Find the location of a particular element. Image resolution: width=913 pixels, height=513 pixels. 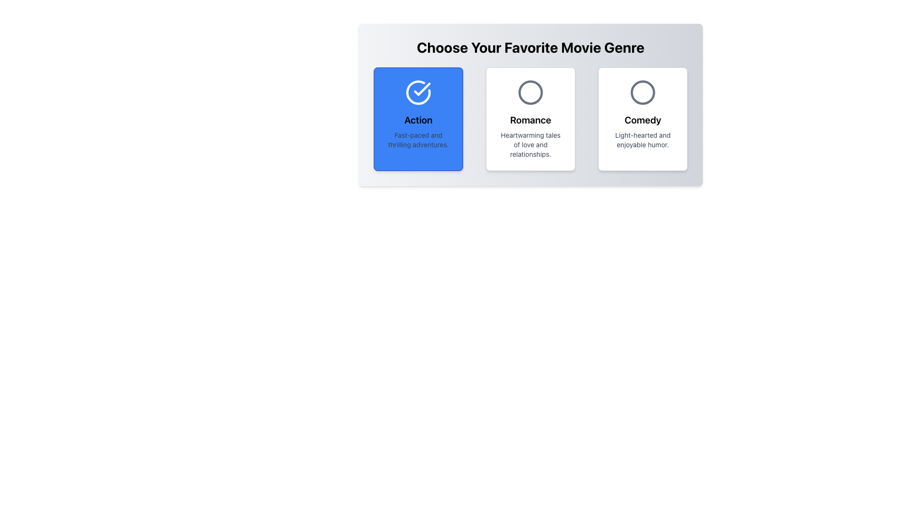

Text label that identifies the category 'Romance', centrally placed above the subtext in the second option box of a series of three is located at coordinates (530, 120).